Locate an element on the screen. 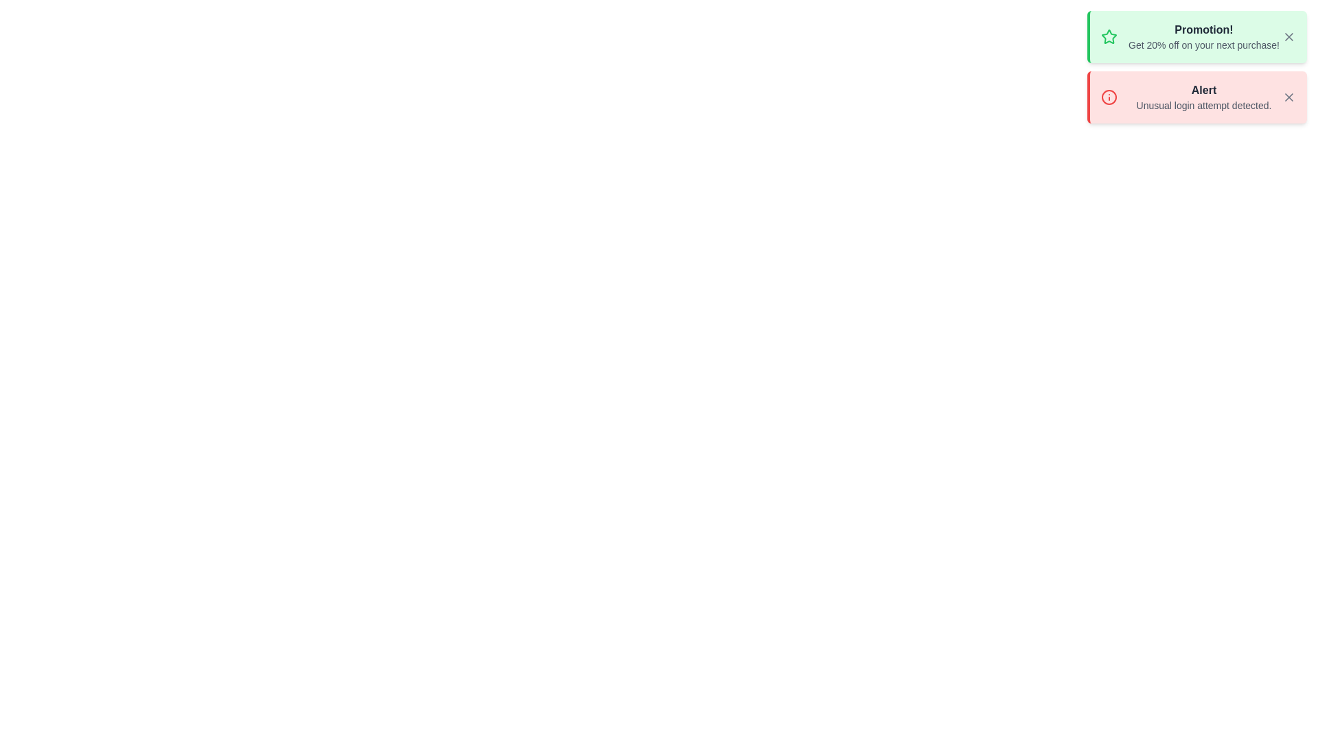  the Text label that serves as a title for the notification message indicating an unusual login attempt detected is located at coordinates (1203, 90).